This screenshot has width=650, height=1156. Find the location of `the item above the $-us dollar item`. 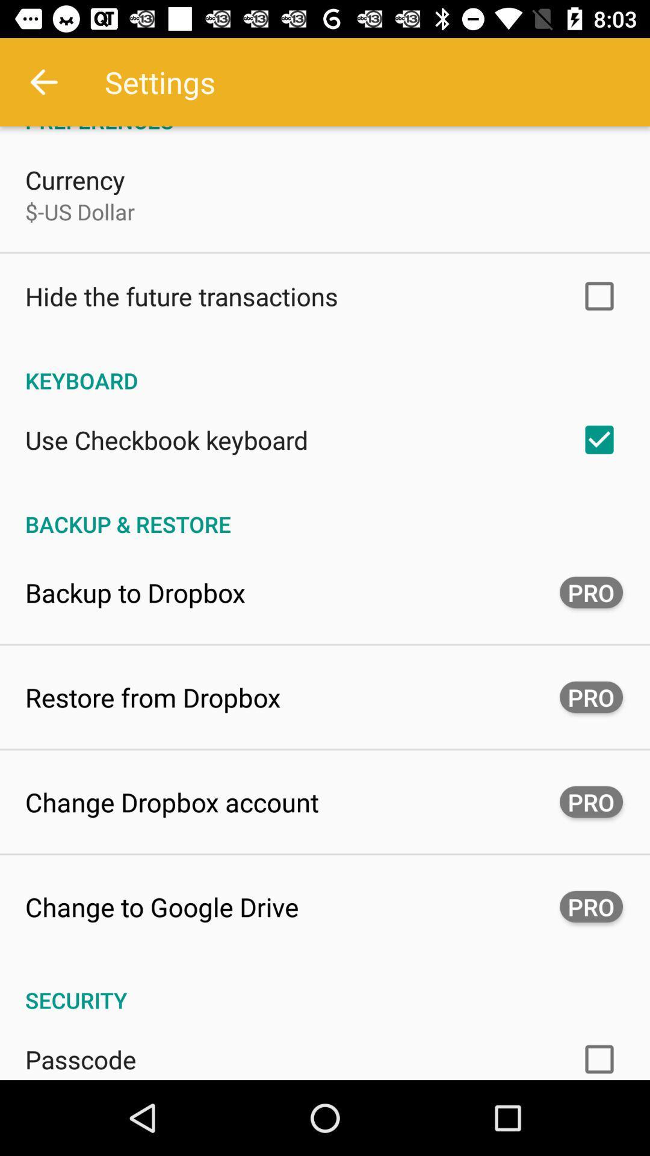

the item above the $-us dollar item is located at coordinates (75, 179).